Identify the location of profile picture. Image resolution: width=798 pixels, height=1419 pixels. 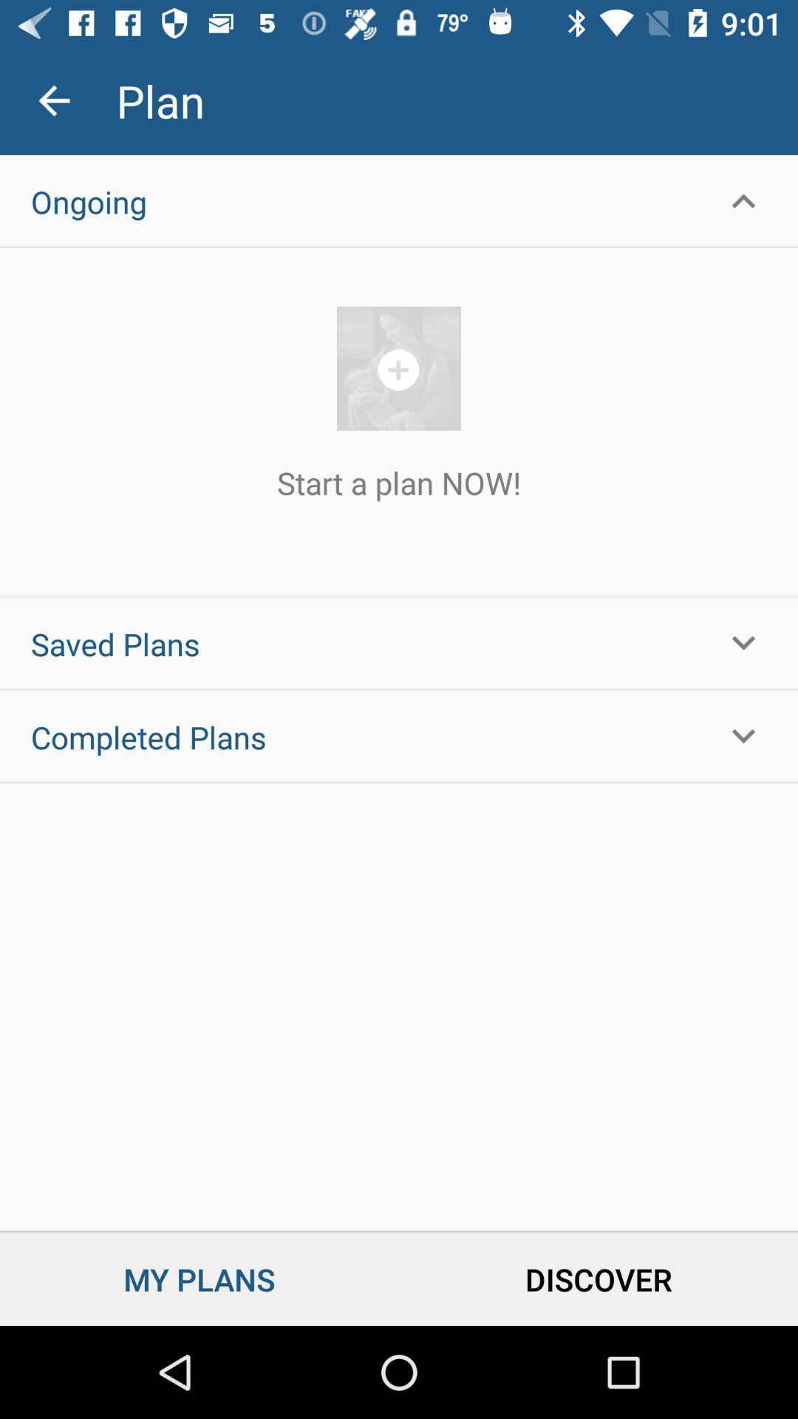
(399, 368).